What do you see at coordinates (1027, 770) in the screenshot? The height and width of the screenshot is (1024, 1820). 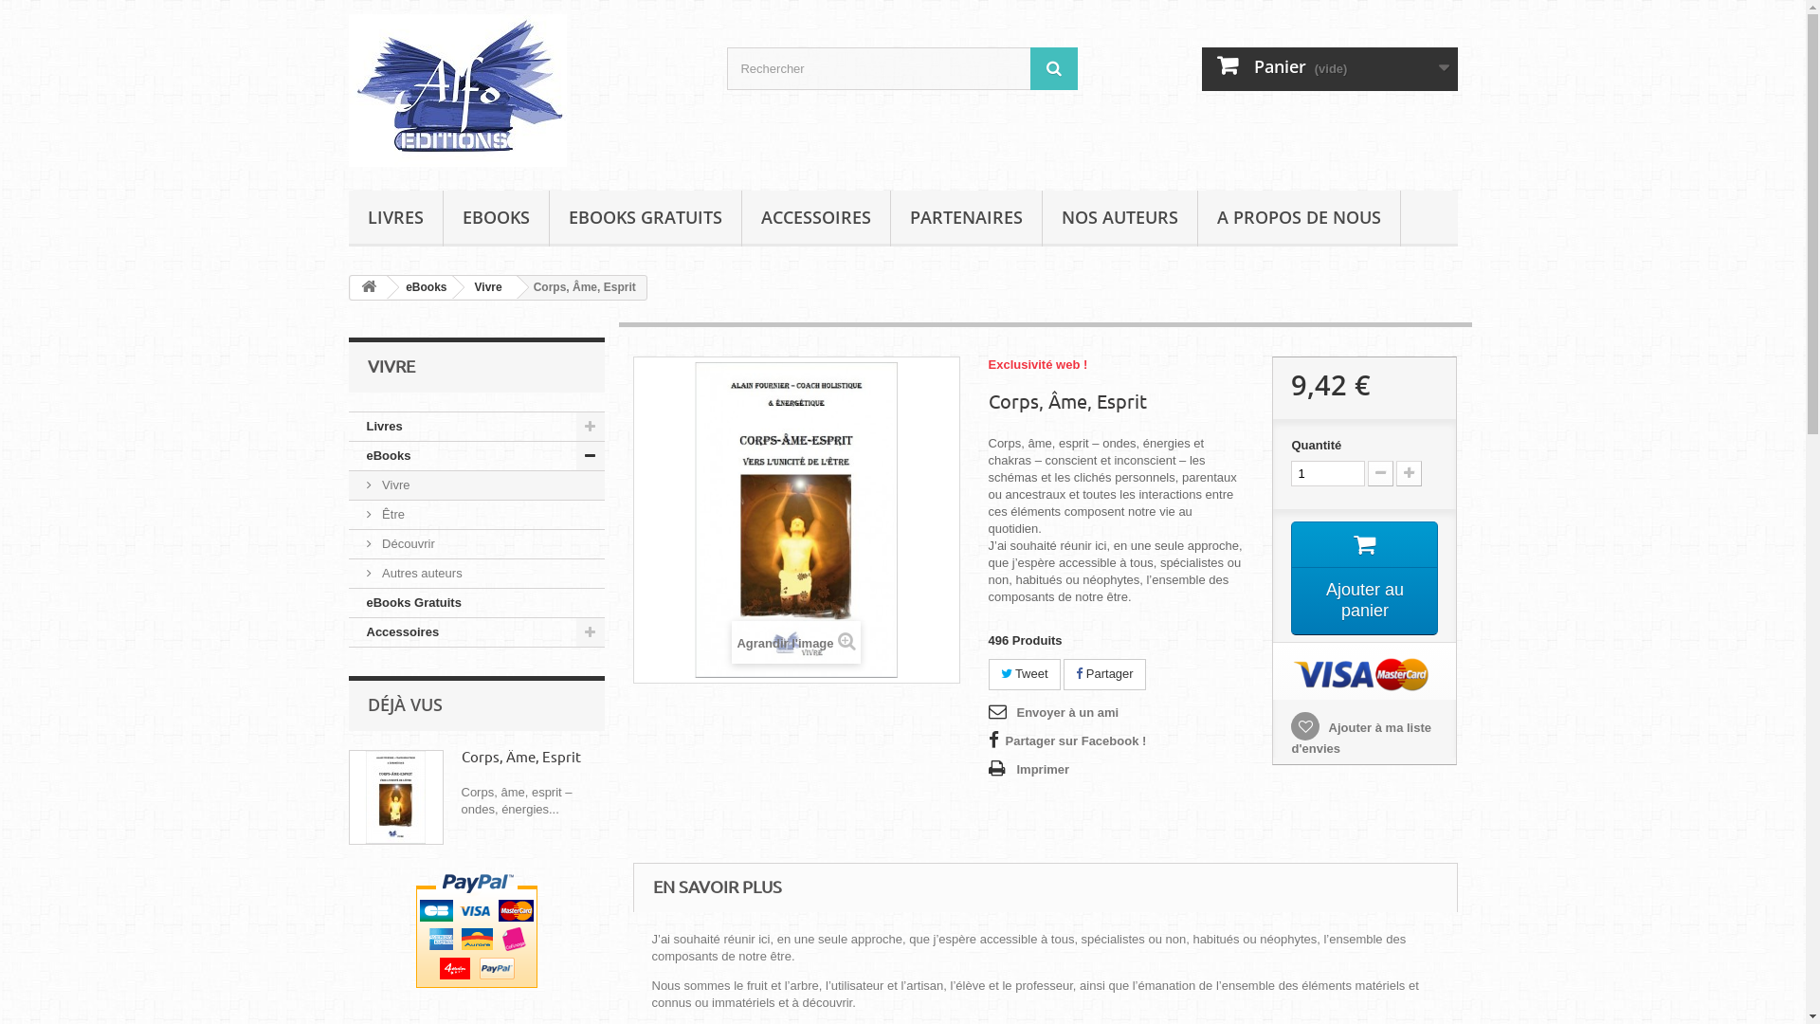 I see `'Imprimer'` at bounding box center [1027, 770].